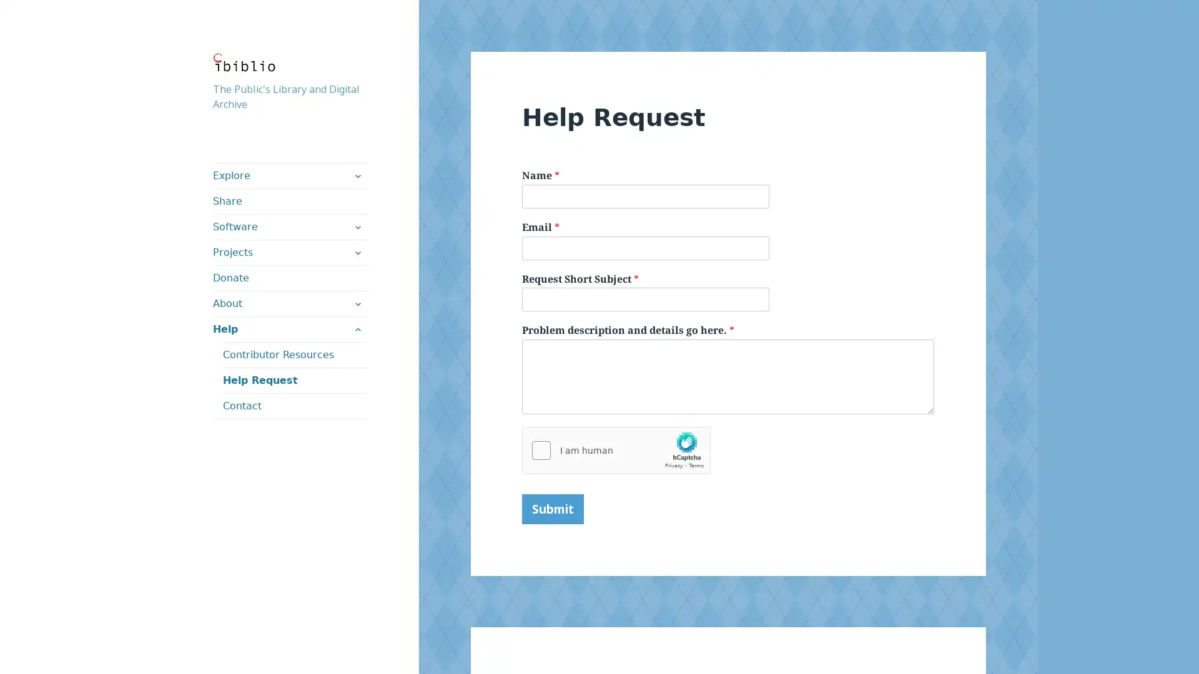 The height and width of the screenshot is (674, 1199). What do you see at coordinates (552, 509) in the screenshot?
I see `Submit` at bounding box center [552, 509].